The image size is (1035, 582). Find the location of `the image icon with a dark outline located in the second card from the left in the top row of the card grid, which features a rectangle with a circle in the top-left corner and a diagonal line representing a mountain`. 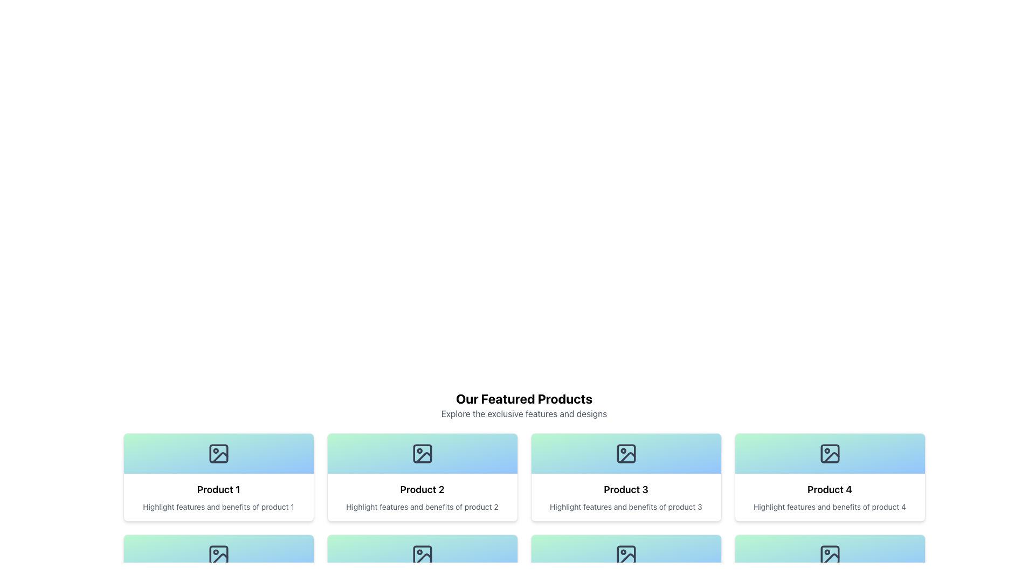

the image icon with a dark outline located in the second card from the left in the top row of the card grid, which features a rectangle with a circle in the top-left corner and a diagonal line representing a mountain is located at coordinates (422, 453).